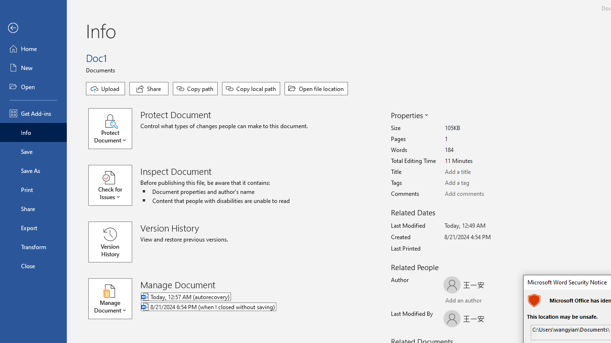 This screenshot has width=611, height=343. What do you see at coordinates (33, 67) in the screenshot?
I see `'New'` at bounding box center [33, 67].